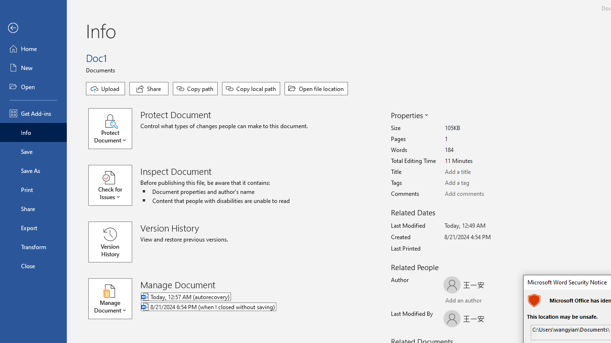 This screenshot has width=611, height=343. What do you see at coordinates (33, 67) in the screenshot?
I see `'New'` at bounding box center [33, 67].